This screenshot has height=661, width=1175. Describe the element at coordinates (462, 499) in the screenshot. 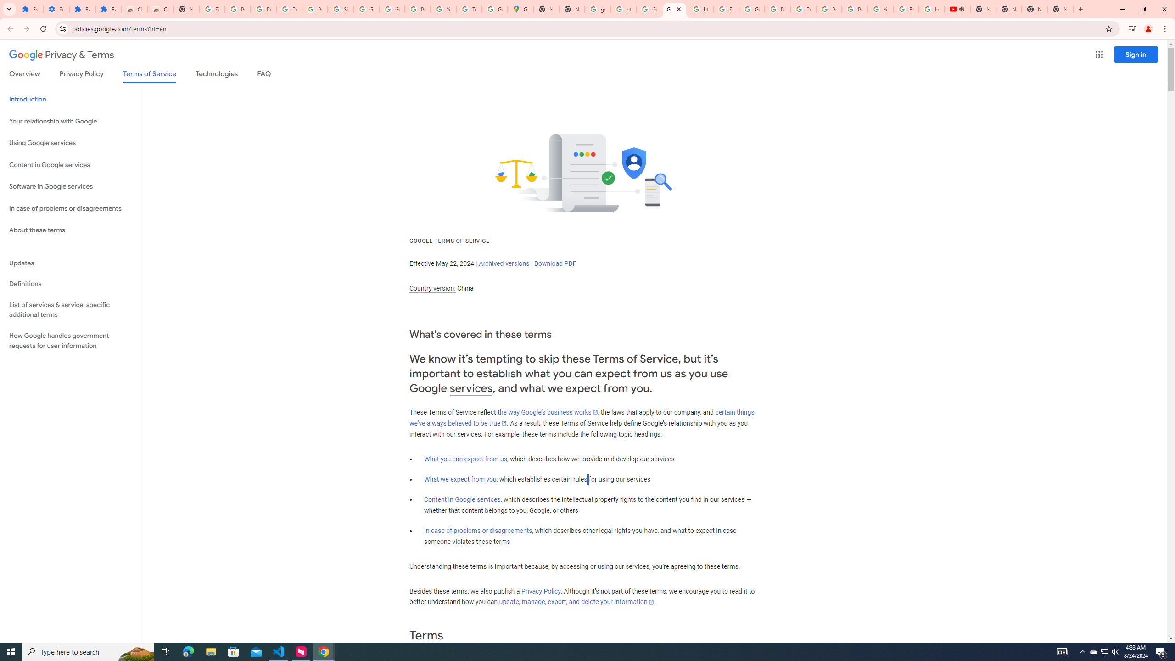

I see `'Content in Google services'` at that location.